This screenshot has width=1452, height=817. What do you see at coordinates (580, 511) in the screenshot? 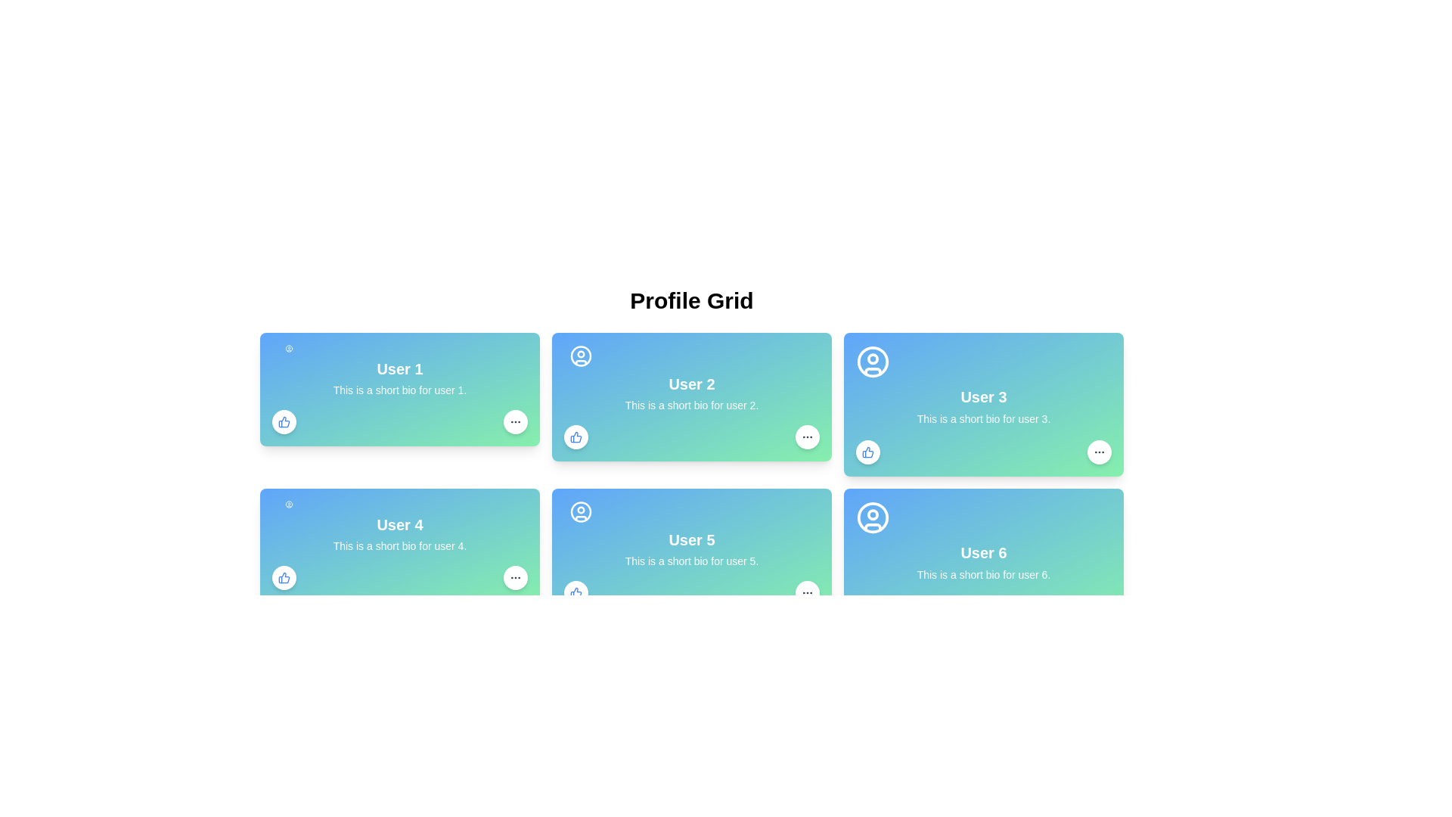
I see `the user icon representing 'User 5' located at the top-left corner of the user profile card, which includes a circular outline and gradient background` at bounding box center [580, 511].